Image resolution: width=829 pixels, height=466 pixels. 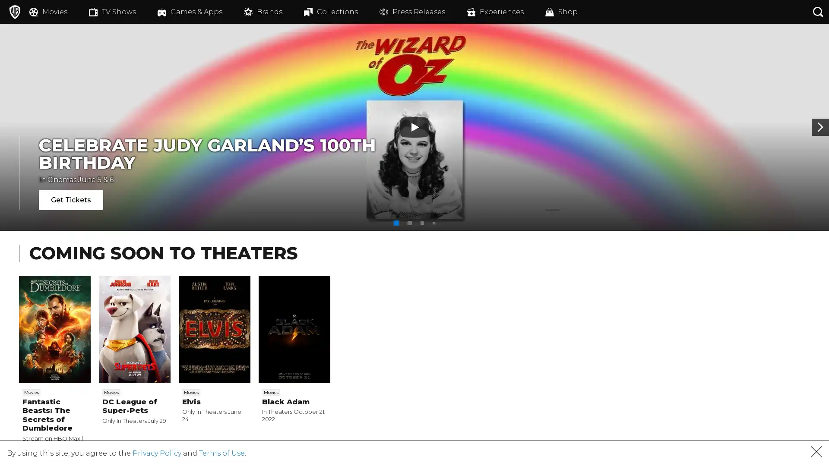 What do you see at coordinates (409, 222) in the screenshot?
I see `Banner 2` at bounding box center [409, 222].